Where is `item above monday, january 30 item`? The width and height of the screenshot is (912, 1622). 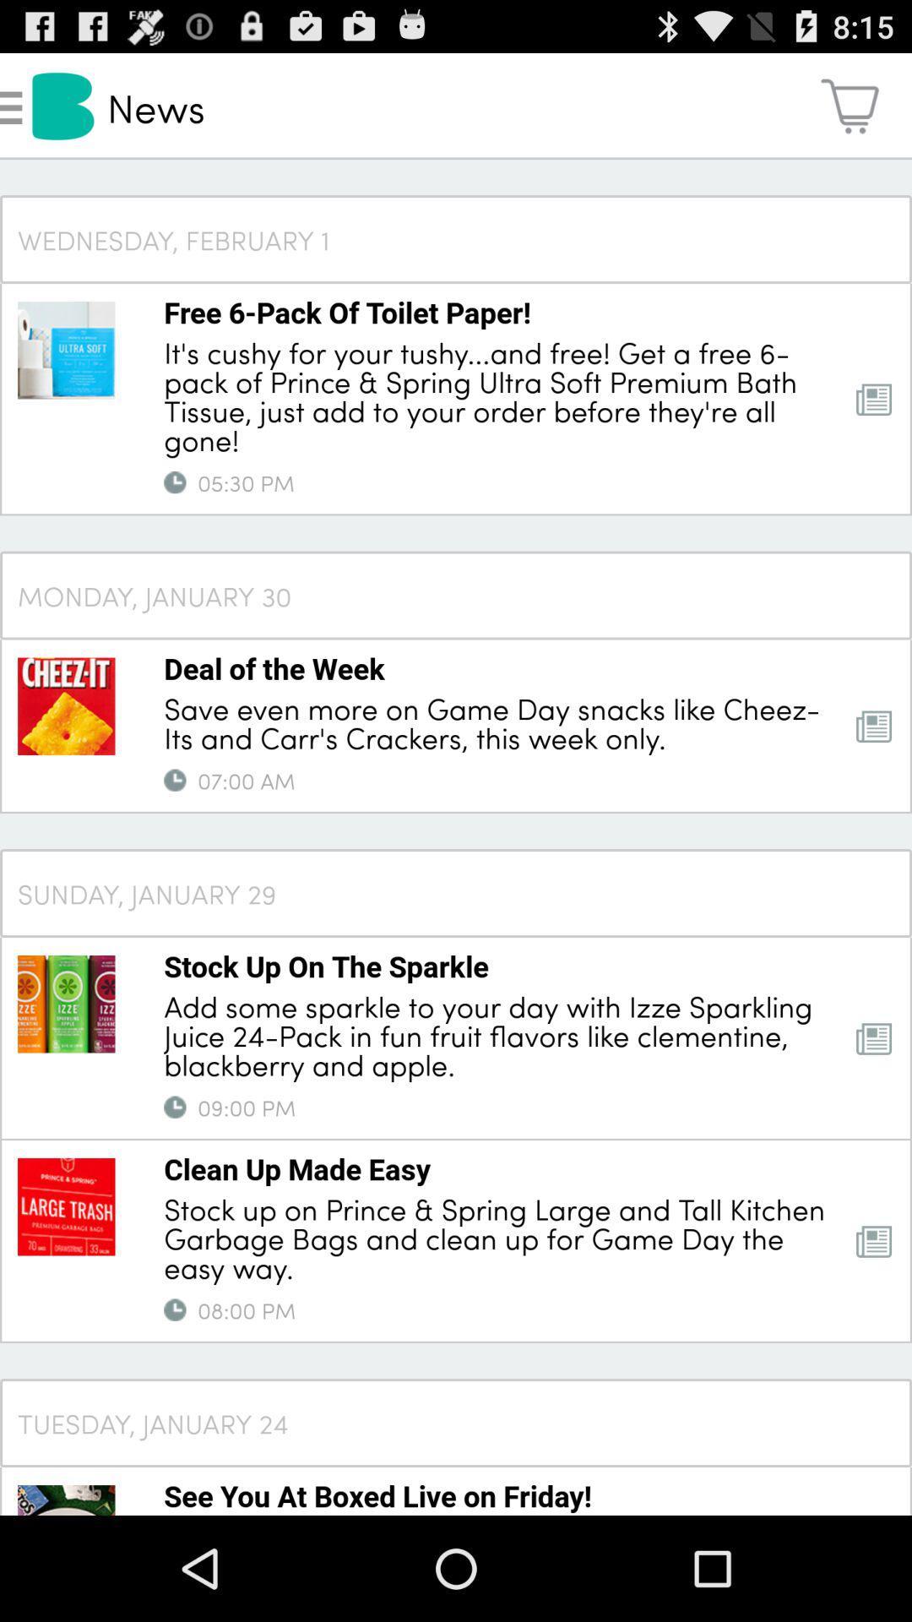 item above monday, january 30 item is located at coordinates (246, 482).